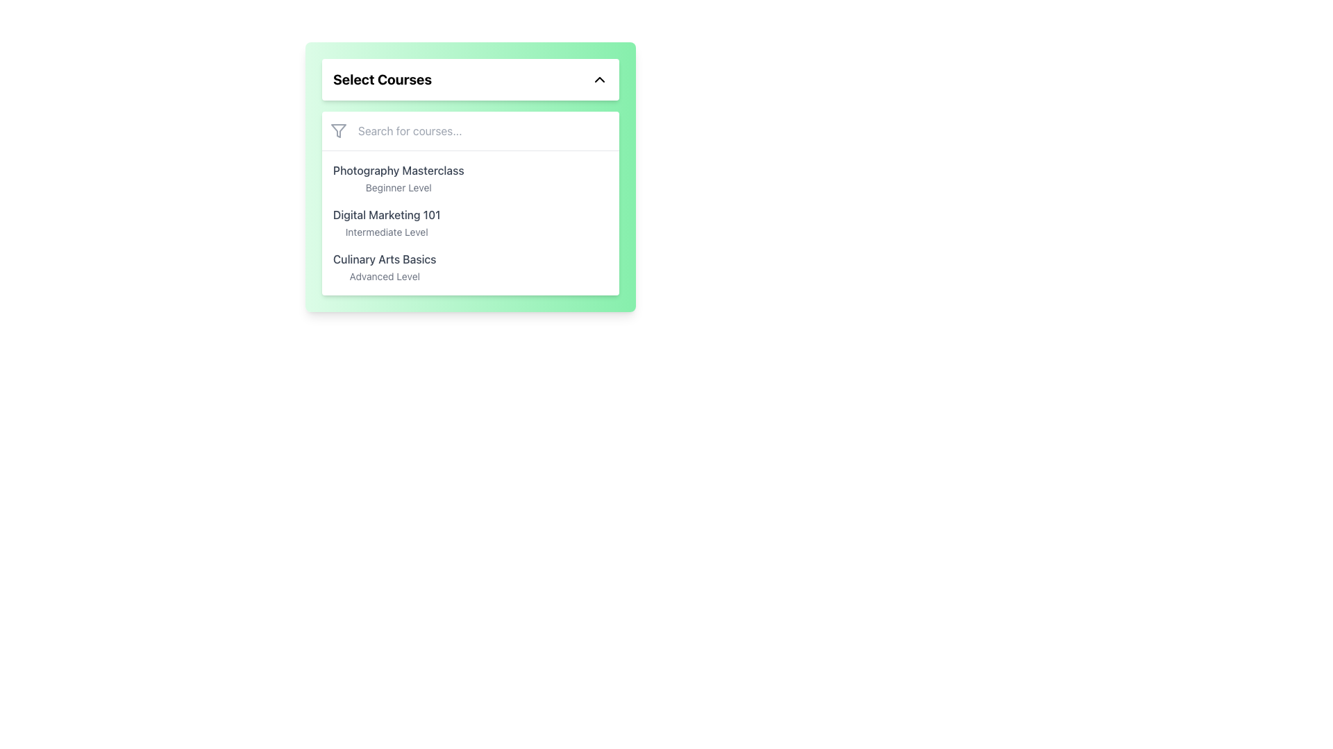 This screenshot has width=1333, height=749. What do you see at coordinates (385, 259) in the screenshot?
I see `the text label that reads 'Culinary Arts Basics', which is the third item in the dropdown interface titled 'Select Courses'` at bounding box center [385, 259].